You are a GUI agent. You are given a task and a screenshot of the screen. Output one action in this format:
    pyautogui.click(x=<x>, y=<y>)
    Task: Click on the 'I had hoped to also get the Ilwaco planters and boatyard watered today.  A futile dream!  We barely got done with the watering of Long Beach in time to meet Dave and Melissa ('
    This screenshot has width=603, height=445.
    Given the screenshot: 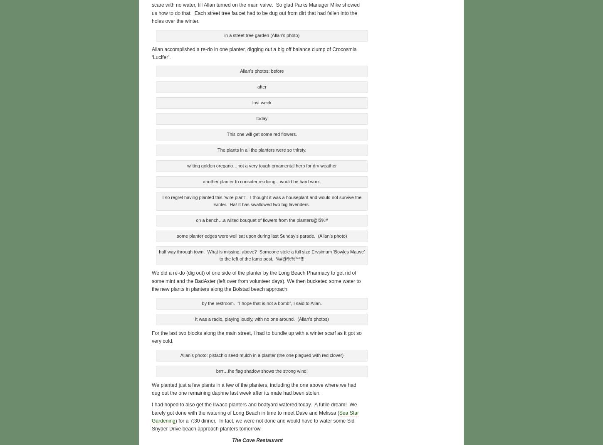 What is the action you would take?
    pyautogui.click(x=254, y=407)
    